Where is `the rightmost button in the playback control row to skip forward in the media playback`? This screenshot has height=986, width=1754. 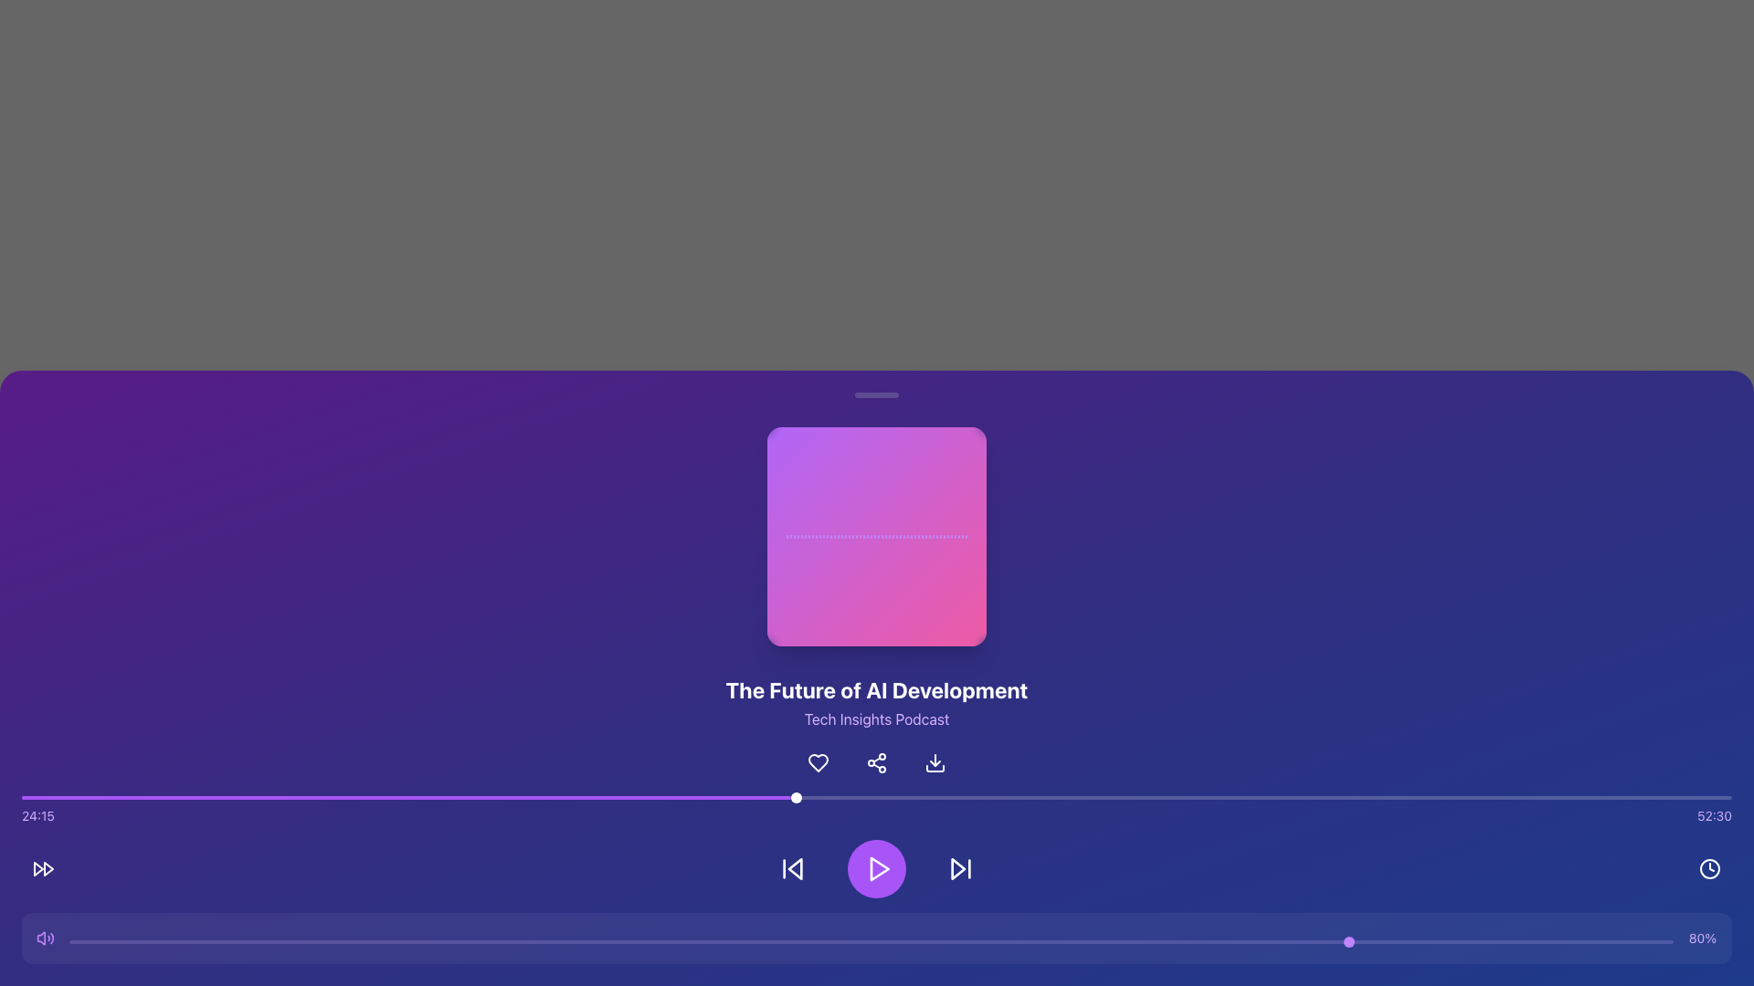
the rightmost button in the playback control row to skip forward in the media playback is located at coordinates (957, 868).